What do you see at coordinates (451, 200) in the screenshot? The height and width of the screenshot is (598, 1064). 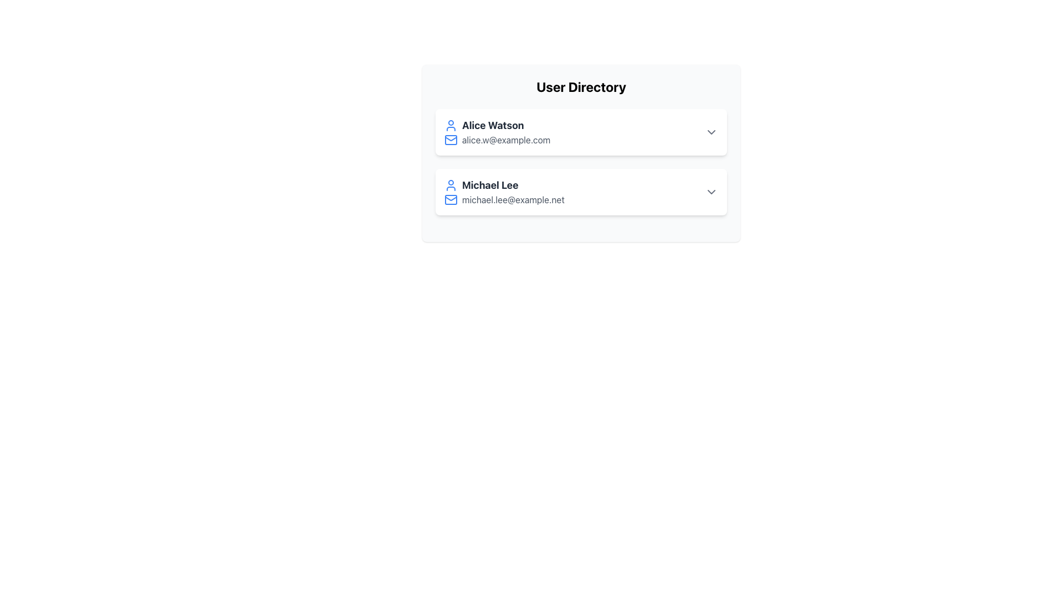 I see `the mail envelope icon with a blue outline located to the left of the email address 'michael.lee@example.net' in the second entry of the user directory list` at bounding box center [451, 200].